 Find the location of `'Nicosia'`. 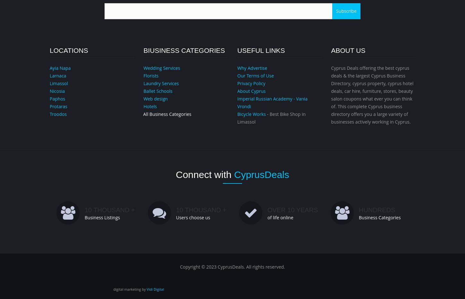

'Nicosia' is located at coordinates (57, 91).